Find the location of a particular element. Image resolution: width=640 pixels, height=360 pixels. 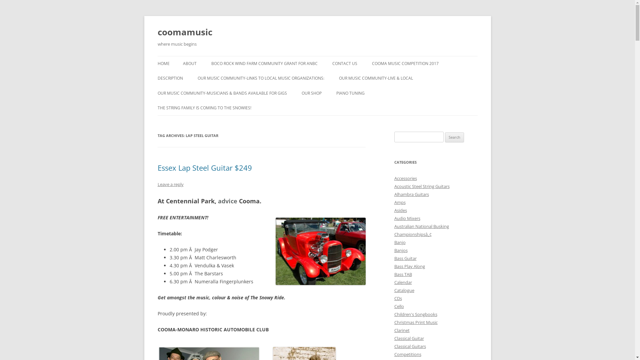

'Essex Lap Steel Guitar $249' is located at coordinates (204, 167).